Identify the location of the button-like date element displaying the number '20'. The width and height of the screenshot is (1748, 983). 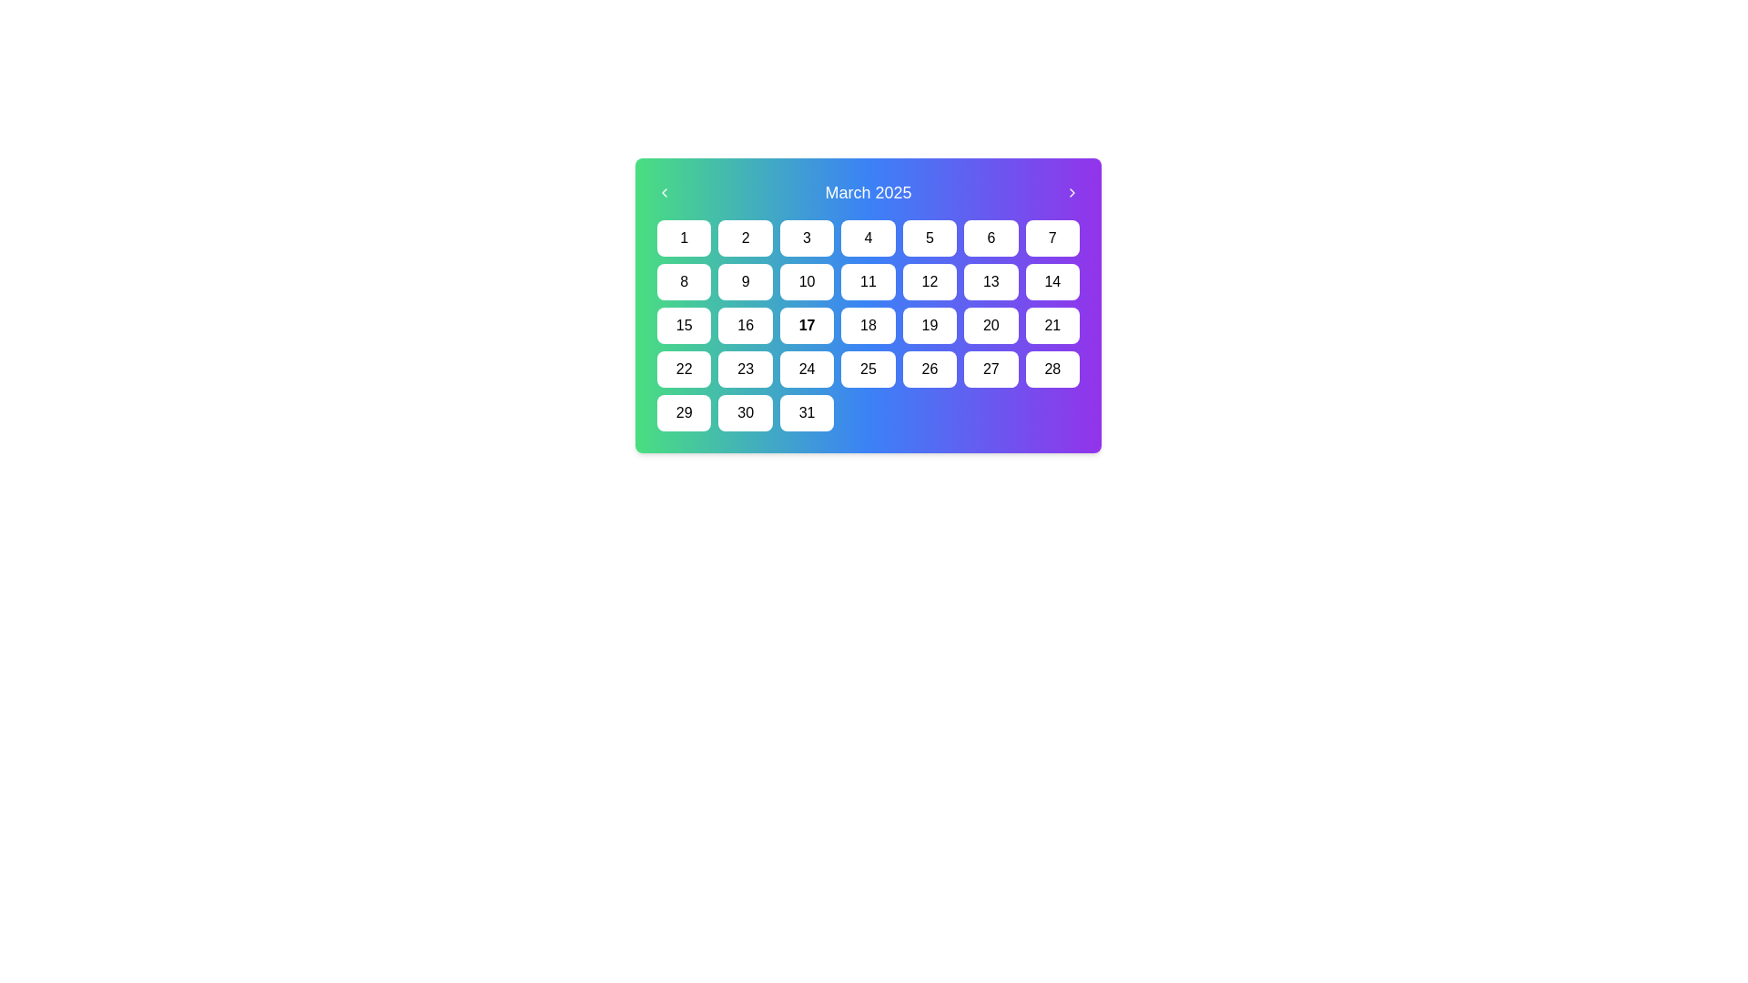
(990, 325).